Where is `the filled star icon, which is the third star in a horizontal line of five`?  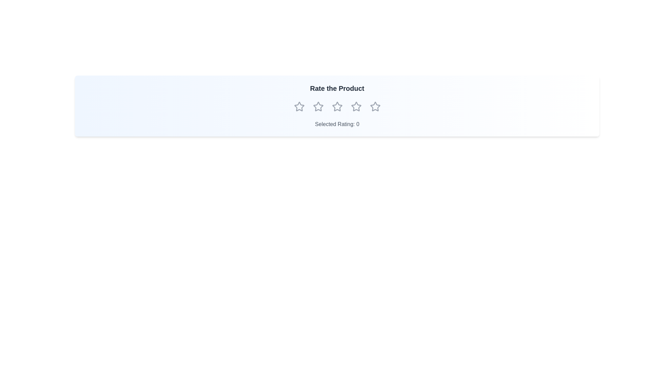
the filled star icon, which is the third star in a horizontal line of five is located at coordinates (356, 106).